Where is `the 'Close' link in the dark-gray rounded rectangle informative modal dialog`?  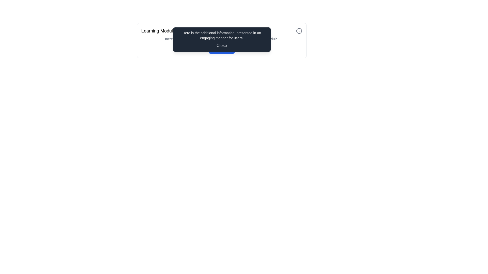 the 'Close' link in the dark-gray rounded rectangle informative modal dialog is located at coordinates (222, 40).